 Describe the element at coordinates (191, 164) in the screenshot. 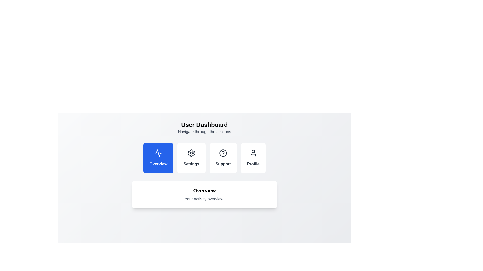

I see `text content of the 'Settings' text label, which is styled in bold and located beneath a gear icon` at that location.